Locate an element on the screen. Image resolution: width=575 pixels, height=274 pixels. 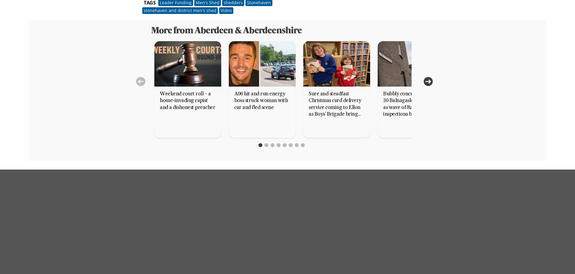
'Sure and steadfast Christmas card delivery service coming to Ellon as Boys' Brigade bring…' is located at coordinates (335, 104).